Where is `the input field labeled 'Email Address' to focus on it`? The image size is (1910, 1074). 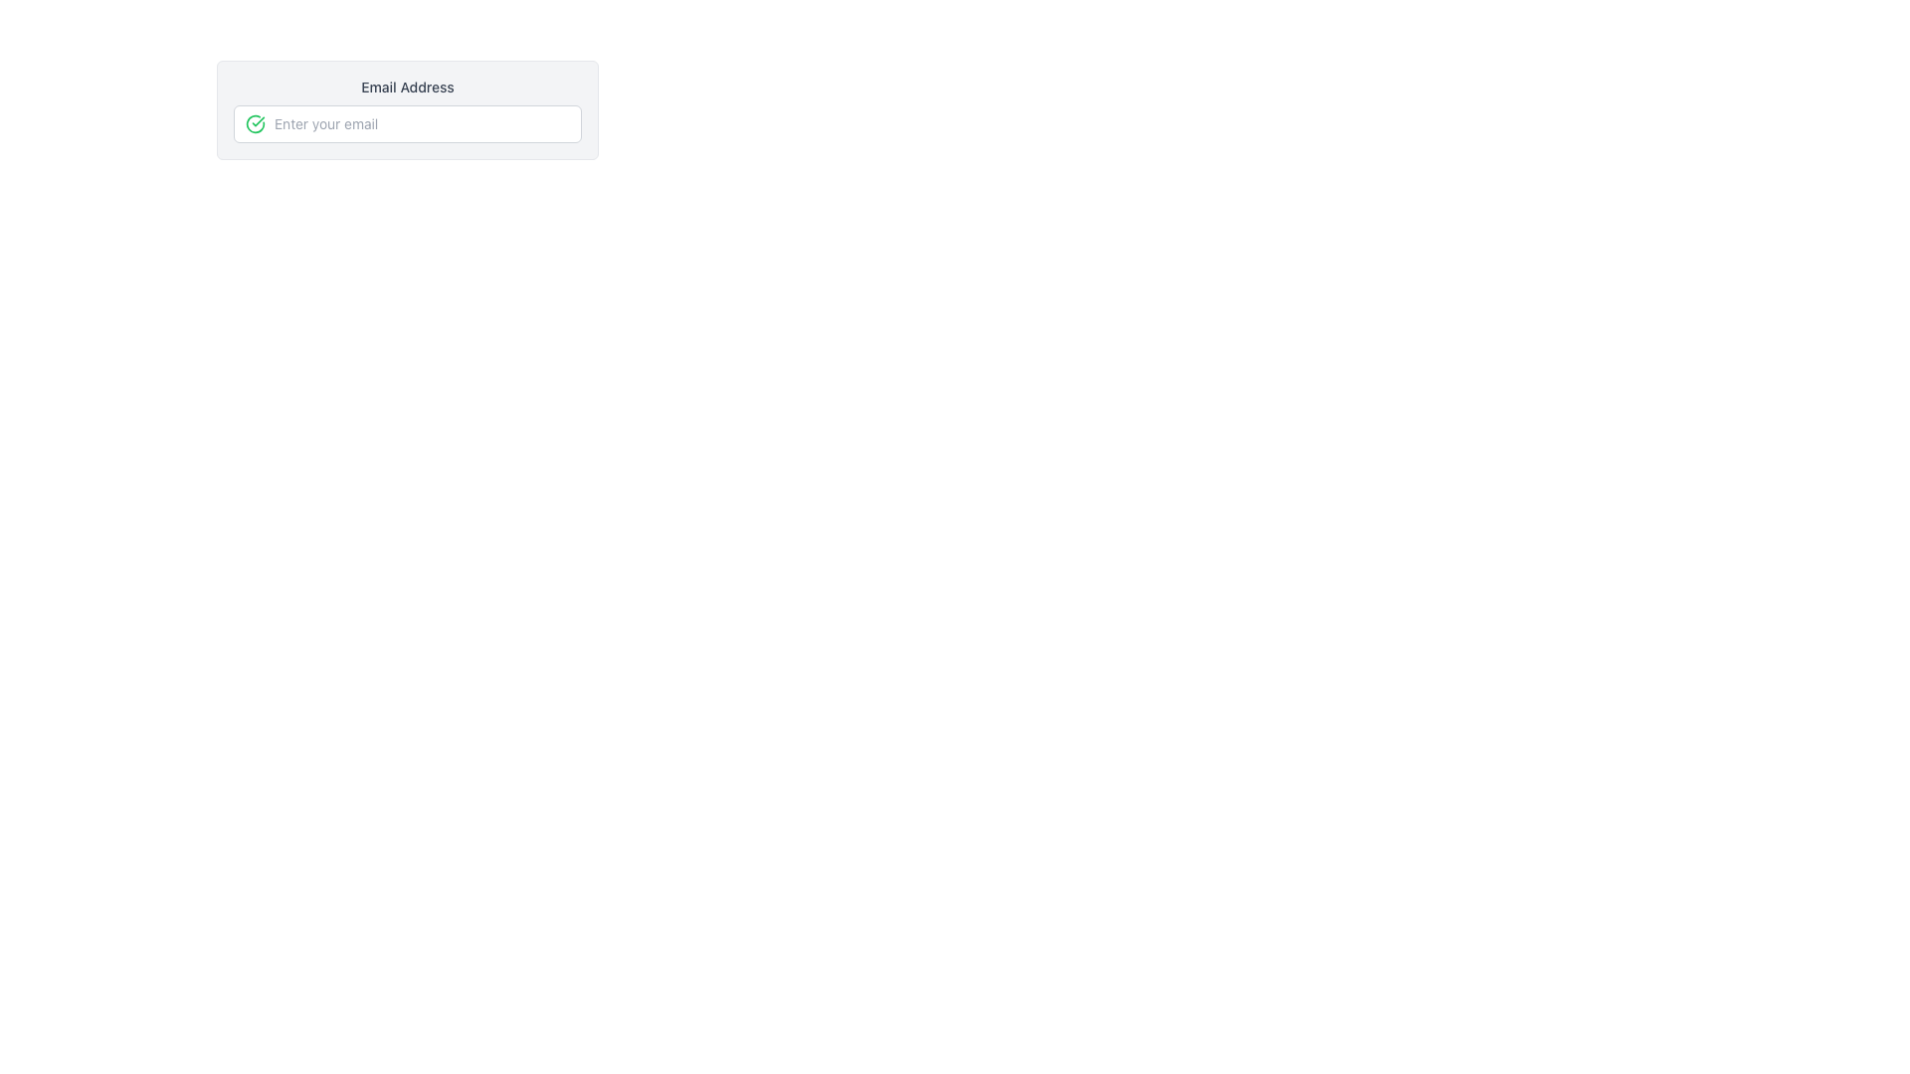
the input field labeled 'Email Address' to focus on it is located at coordinates (406, 110).